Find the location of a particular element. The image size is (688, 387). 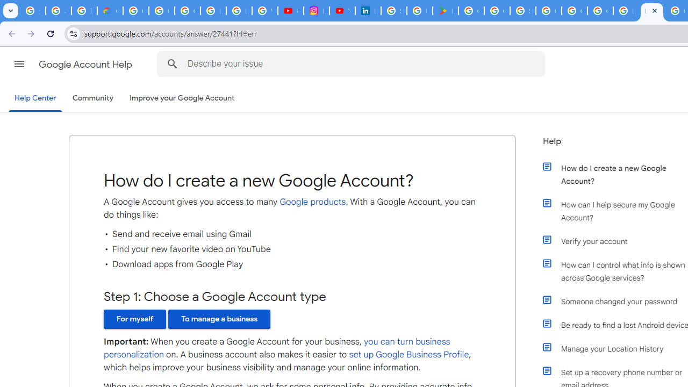

'How do I create a new Google Account? - Google Account Help' is located at coordinates (626, 11).